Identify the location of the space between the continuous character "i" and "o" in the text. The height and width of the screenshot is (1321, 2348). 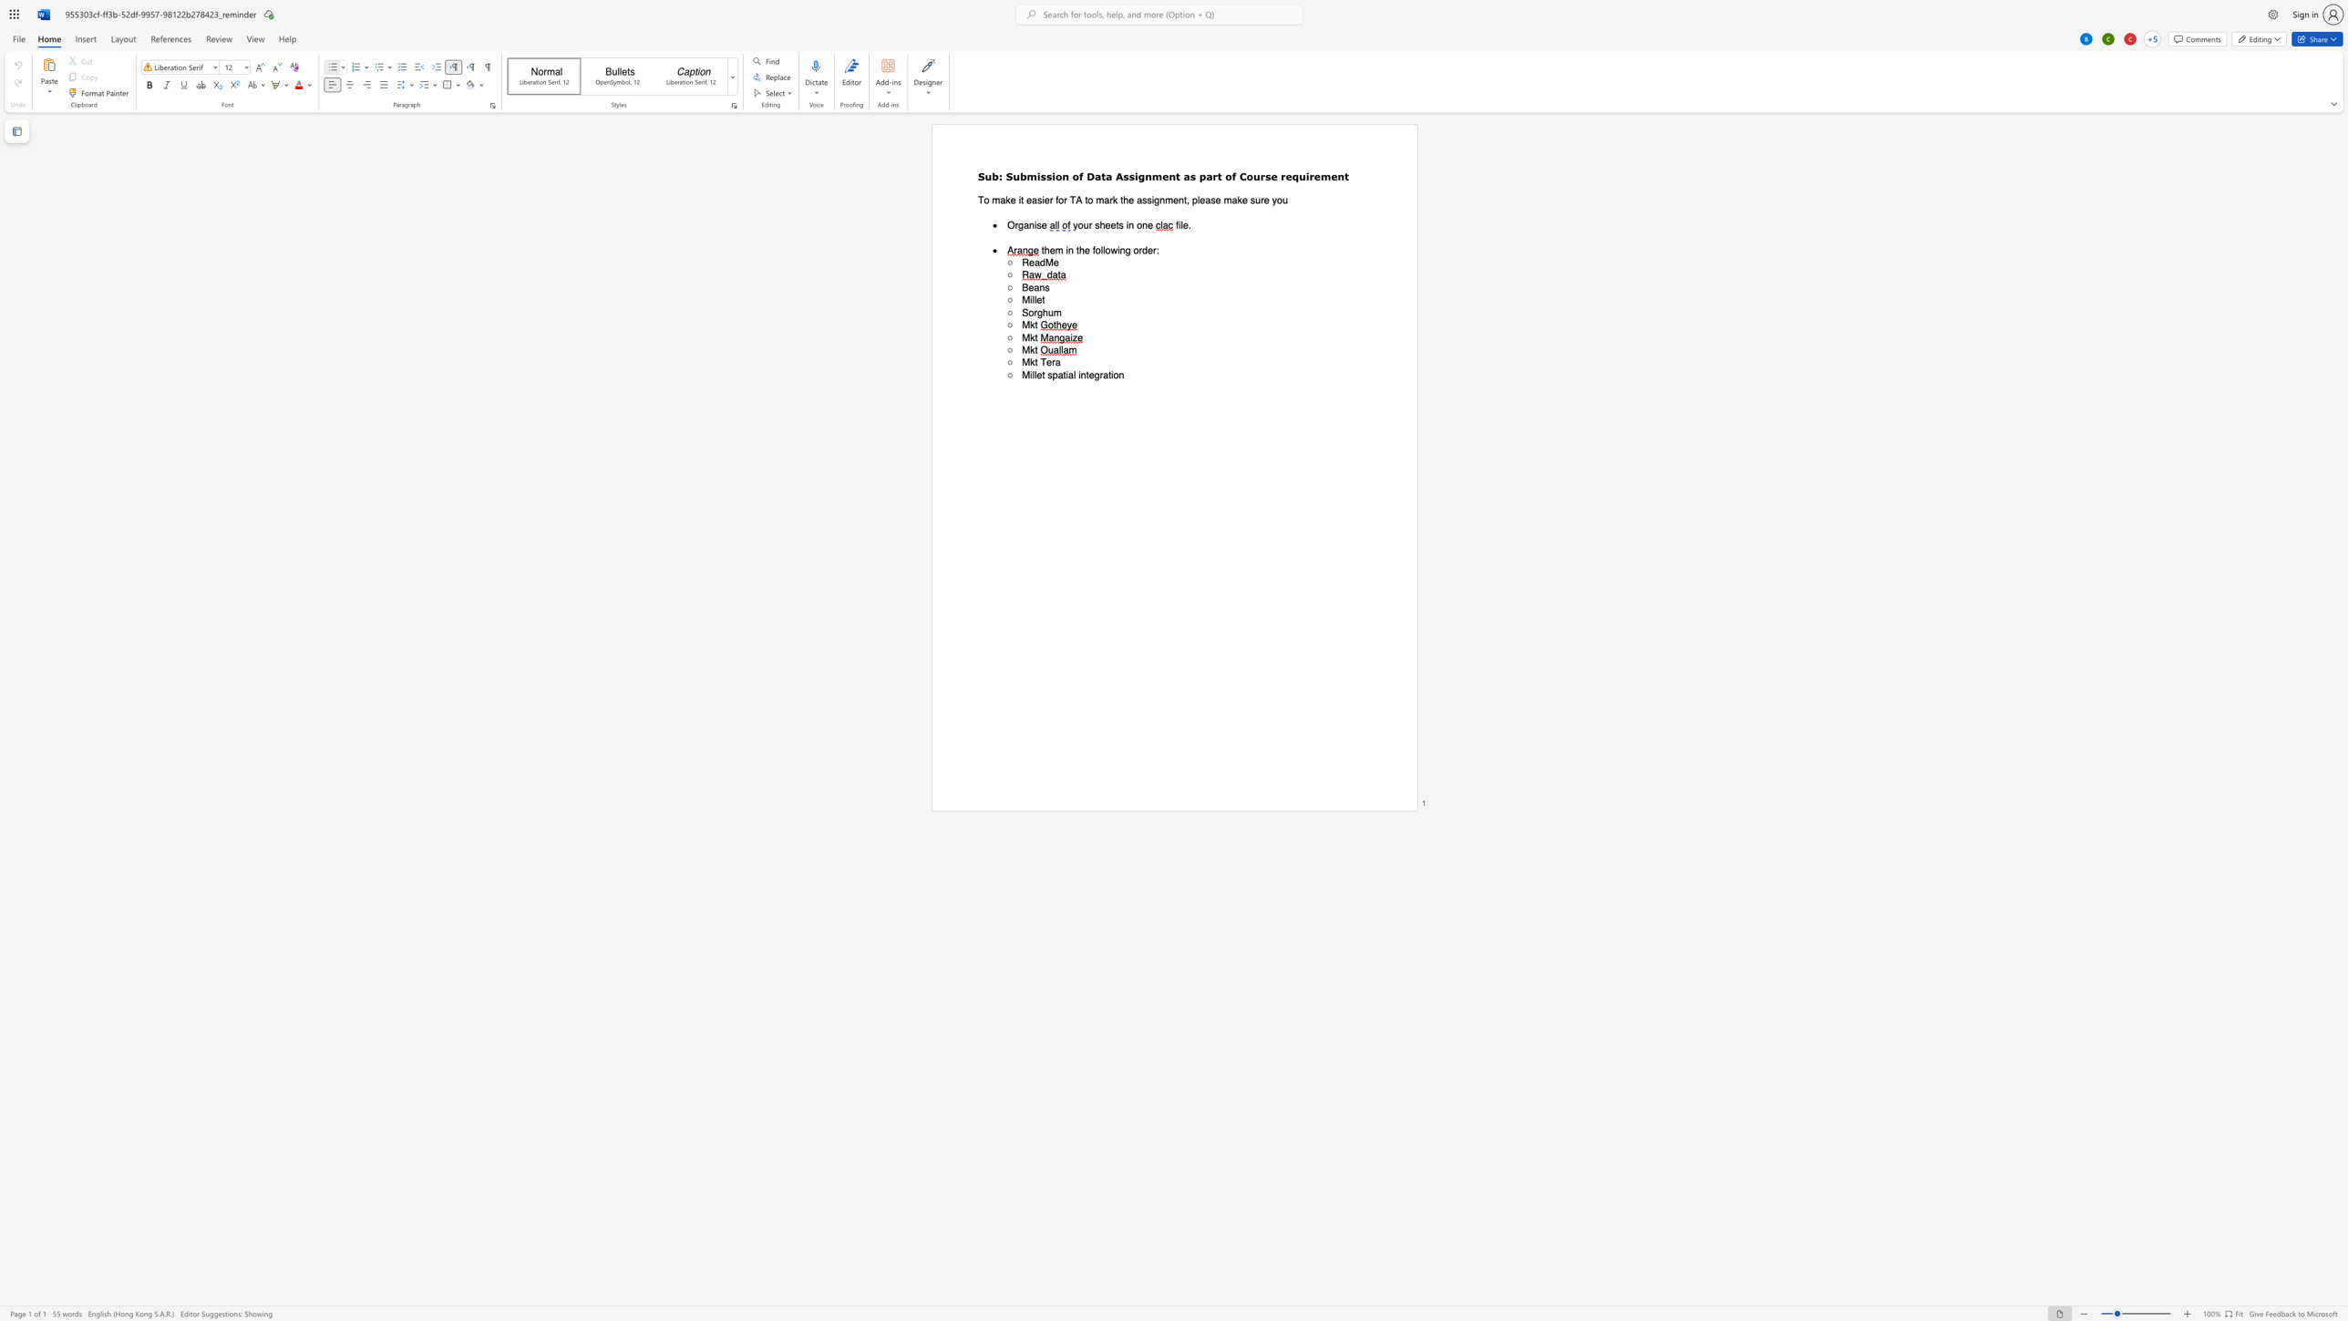
(1114, 374).